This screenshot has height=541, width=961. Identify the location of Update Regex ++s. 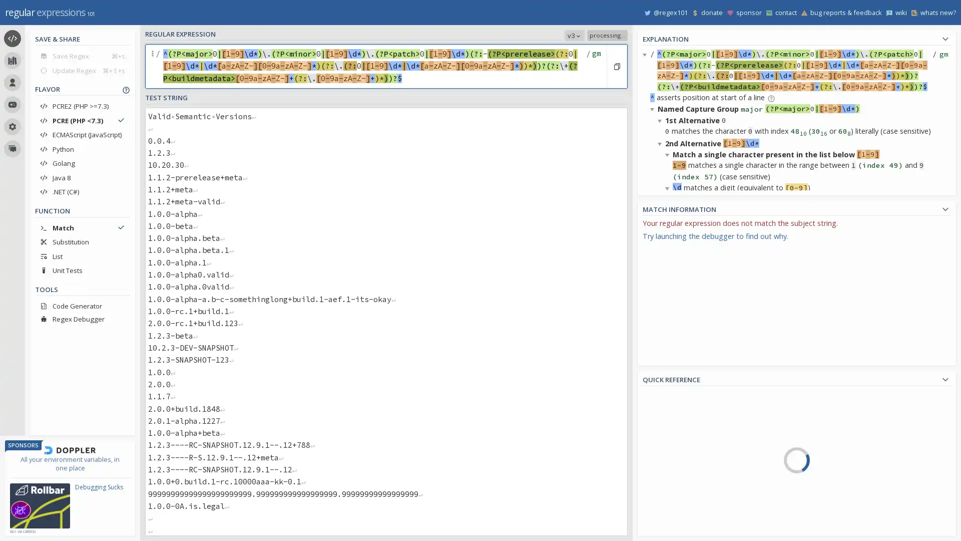
(82, 70).